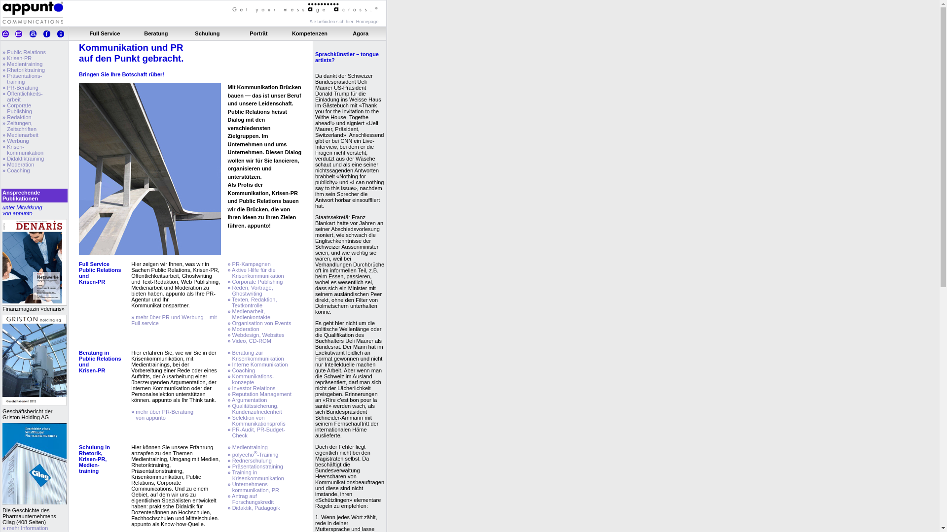 This screenshot has height=532, width=947. What do you see at coordinates (13, 81) in the screenshot?
I see `'   training'` at bounding box center [13, 81].